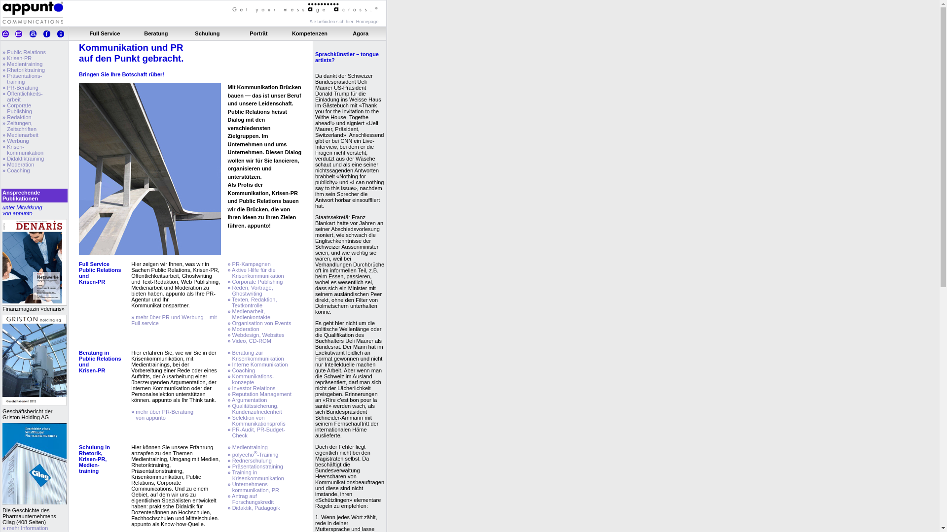 This screenshot has height=532, width=947. What do you see at coordinates (13, 81) in the screenshot?
I see `'   training'` at bounding box center [13, 81].